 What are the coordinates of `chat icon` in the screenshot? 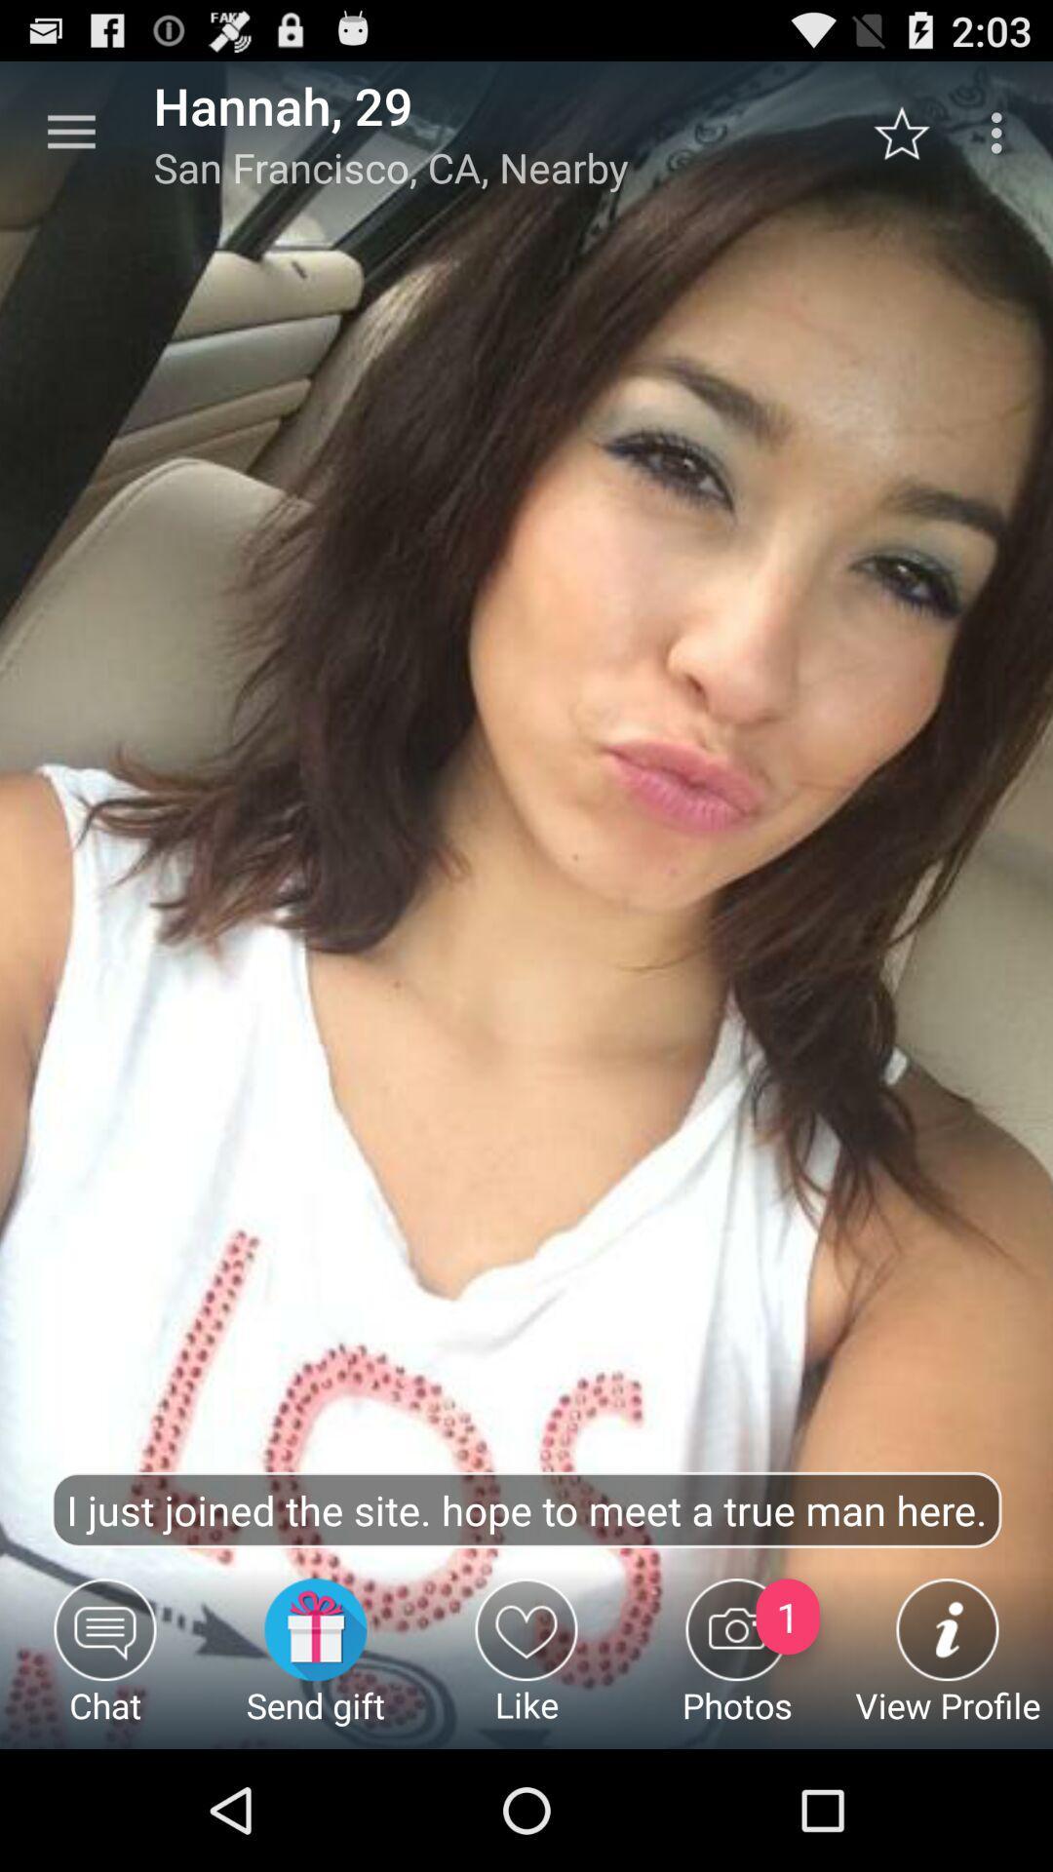 It's located at (105, 1662).